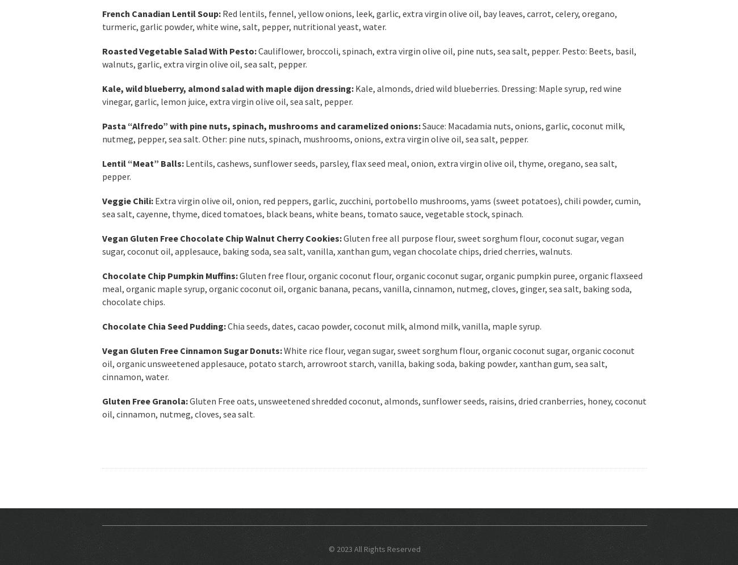 Image resolution: width=738 pixels, height=565 pixels. I want to click on 'extra virgin olive oil, bay leaves, carrot, celery, oregano, turmeric, garlic powder, white wine, salt, pepper, nutritional yeast, water.', so click(359, 20).